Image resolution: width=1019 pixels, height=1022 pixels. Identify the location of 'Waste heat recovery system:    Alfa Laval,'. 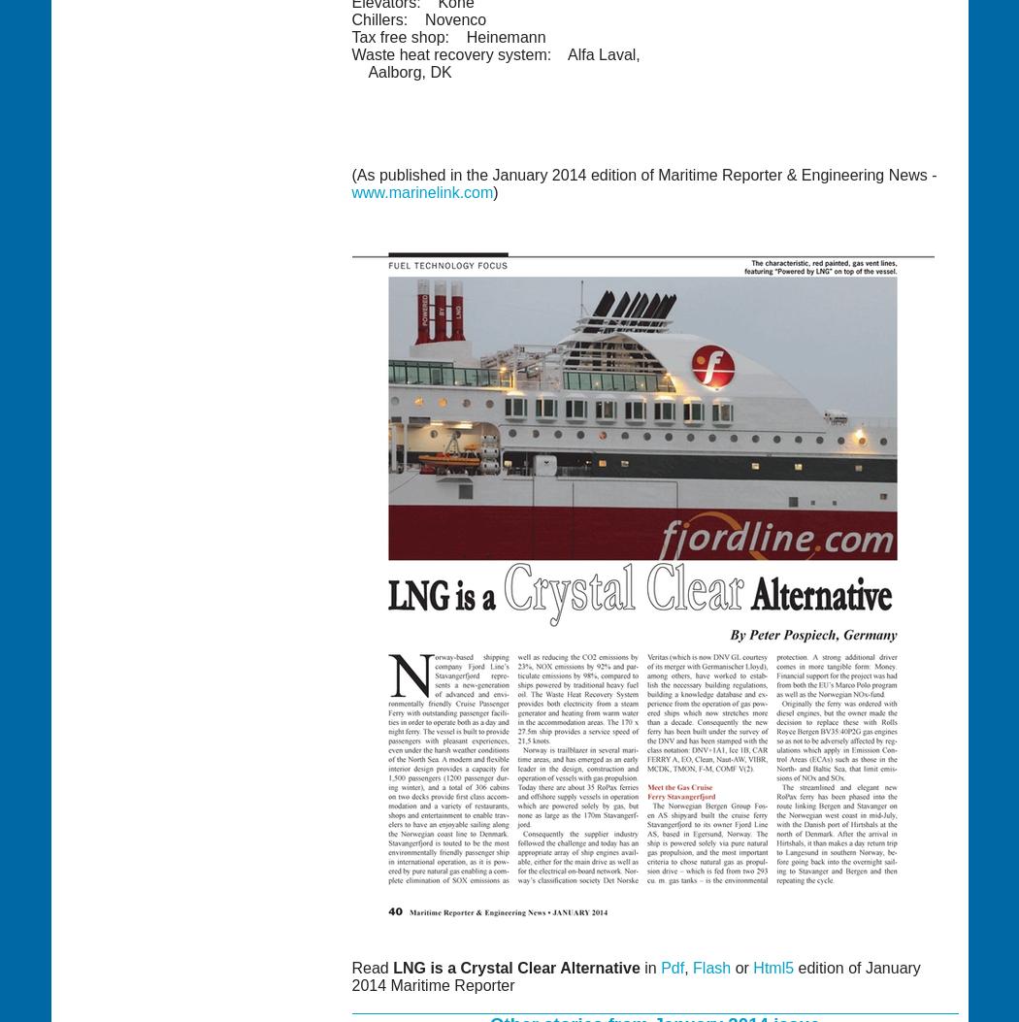
(494, 52).